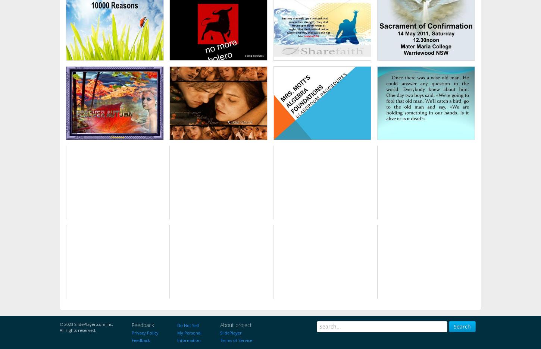  I want to click on 'All rights reserved.', so click(77, 329).